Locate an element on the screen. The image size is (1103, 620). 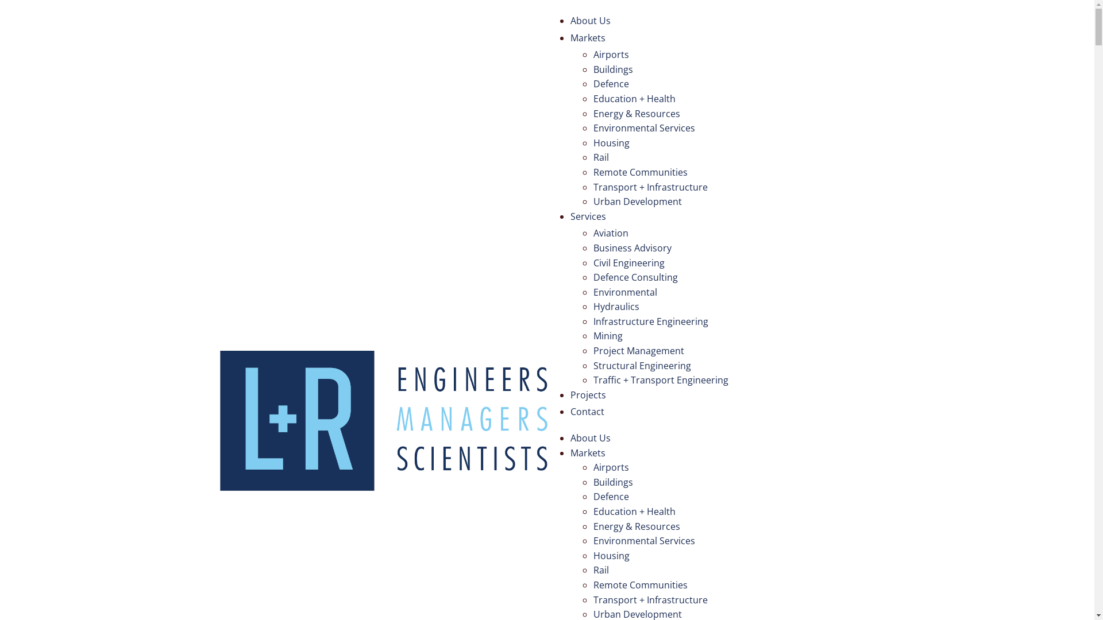
'Civil Engineering' is located at coordinates (628, 262).